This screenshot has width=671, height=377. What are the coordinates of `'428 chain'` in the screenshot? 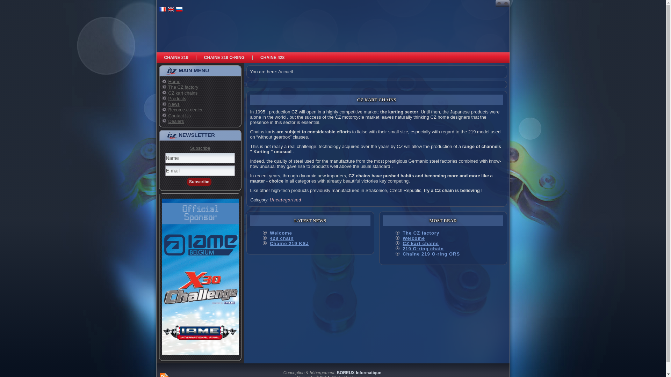 It's located at (282, 238).